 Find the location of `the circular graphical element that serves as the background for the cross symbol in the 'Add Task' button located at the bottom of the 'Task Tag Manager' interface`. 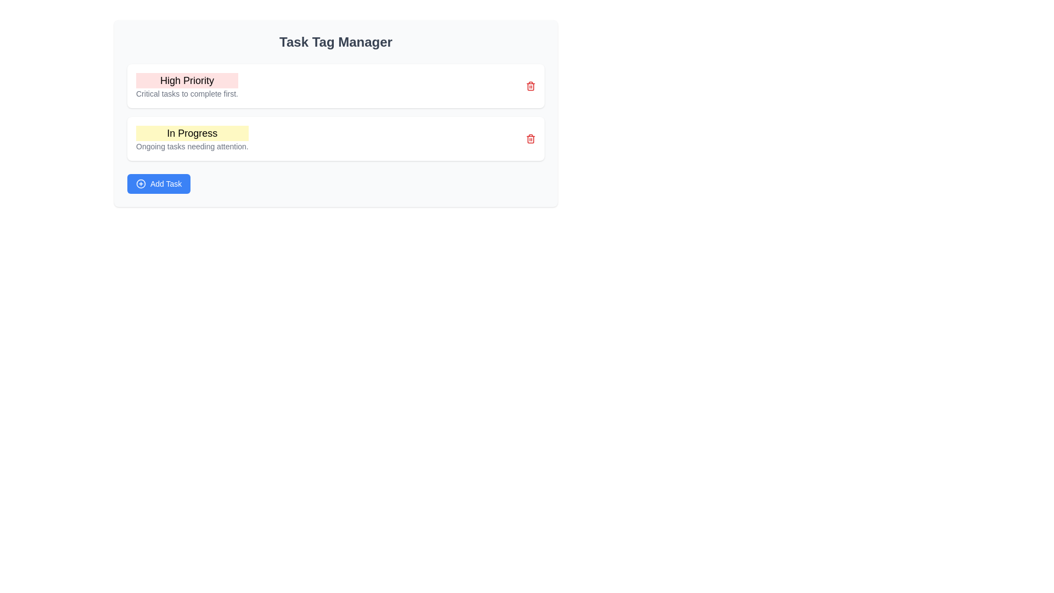

the circular graphical element that serves as the background for the cross symbol in the 'Add Task' button located at the bottom of the 'Task Tag Manager' interface is located at coordinates (141, 183).